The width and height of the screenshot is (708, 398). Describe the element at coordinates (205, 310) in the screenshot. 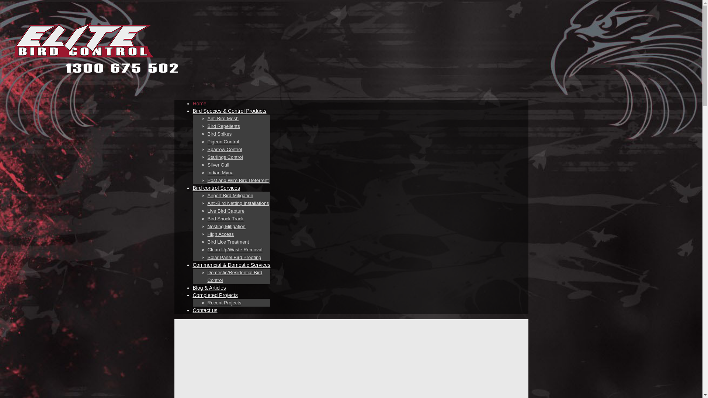

I see `'Contact us'` at that location.